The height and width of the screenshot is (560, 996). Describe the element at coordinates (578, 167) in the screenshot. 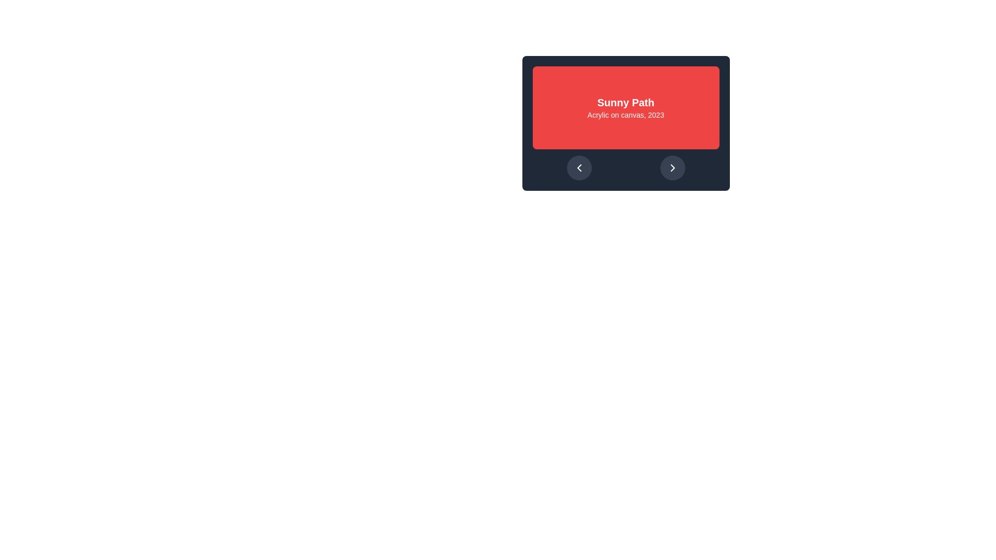

I see `the left-facing chevron icon located on the left side of the panel` at that location.